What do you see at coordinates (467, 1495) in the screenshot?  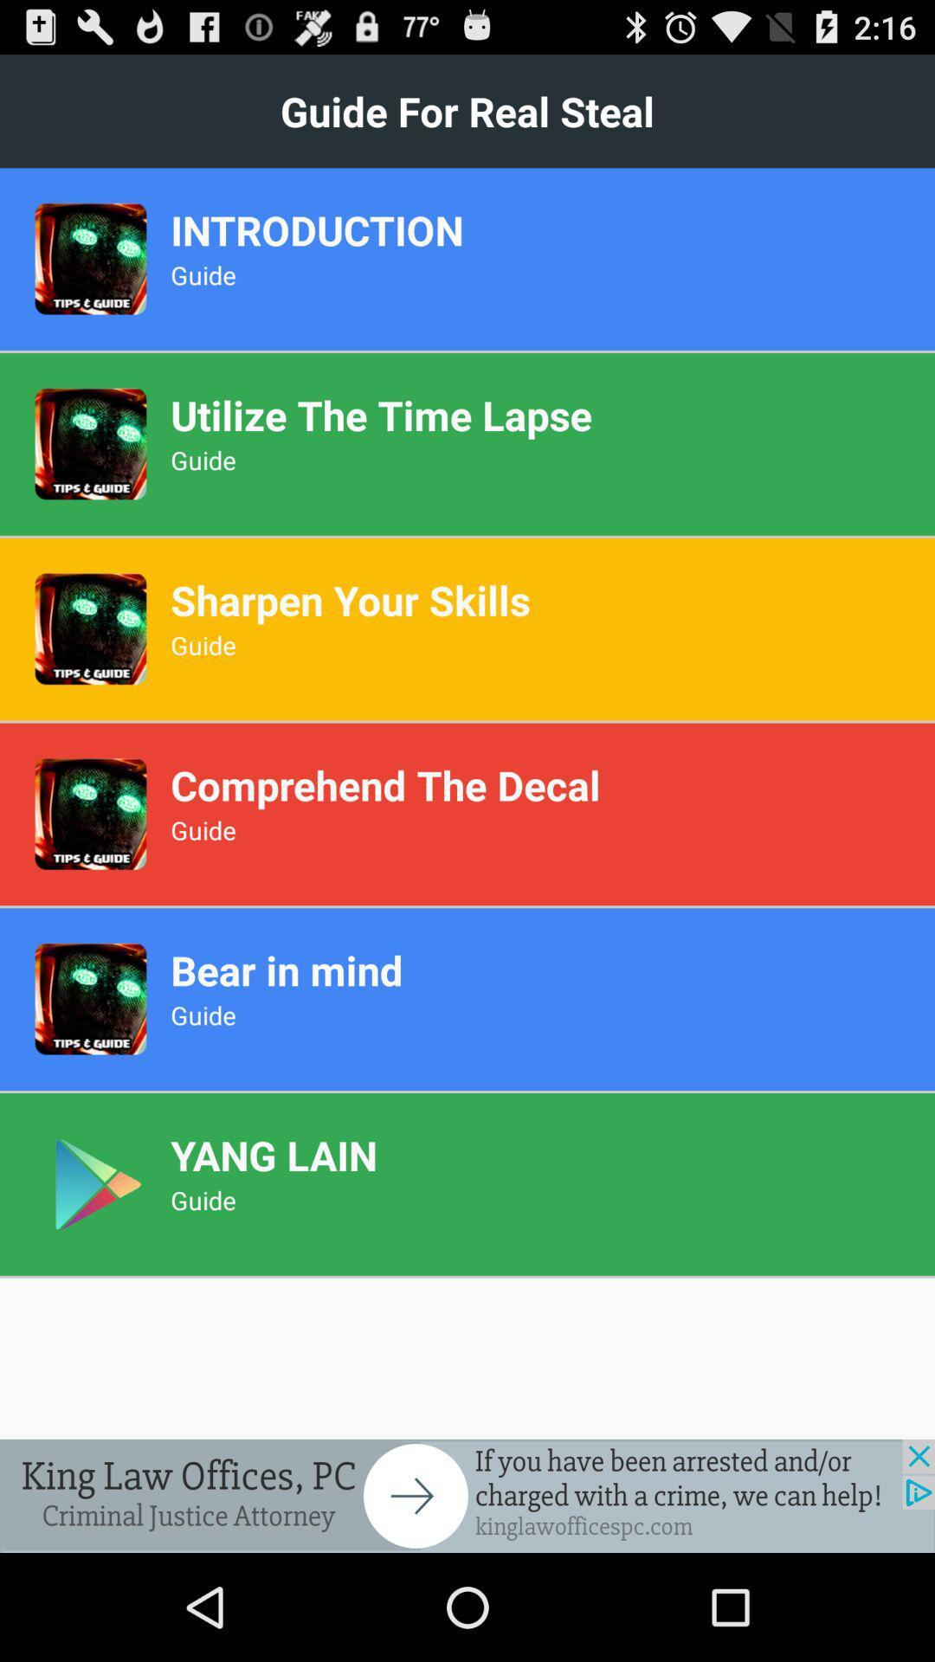 I see `go forward/ go to advertisement website/app` at bounding box center [467, 1495].